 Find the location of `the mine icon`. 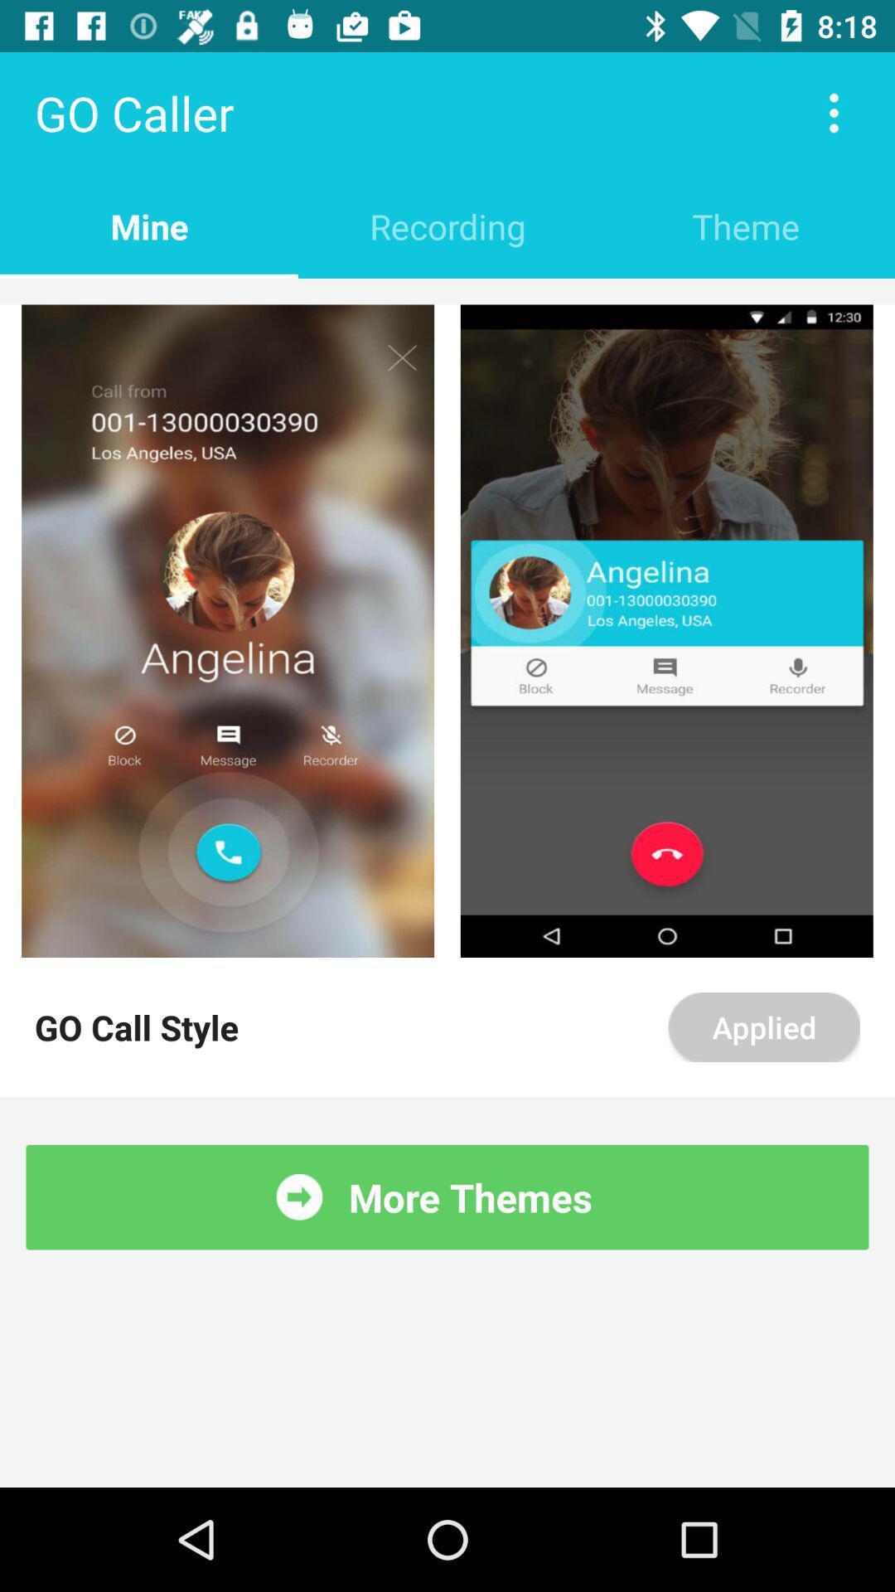

the mine icon is located at coordinates (149, 226).